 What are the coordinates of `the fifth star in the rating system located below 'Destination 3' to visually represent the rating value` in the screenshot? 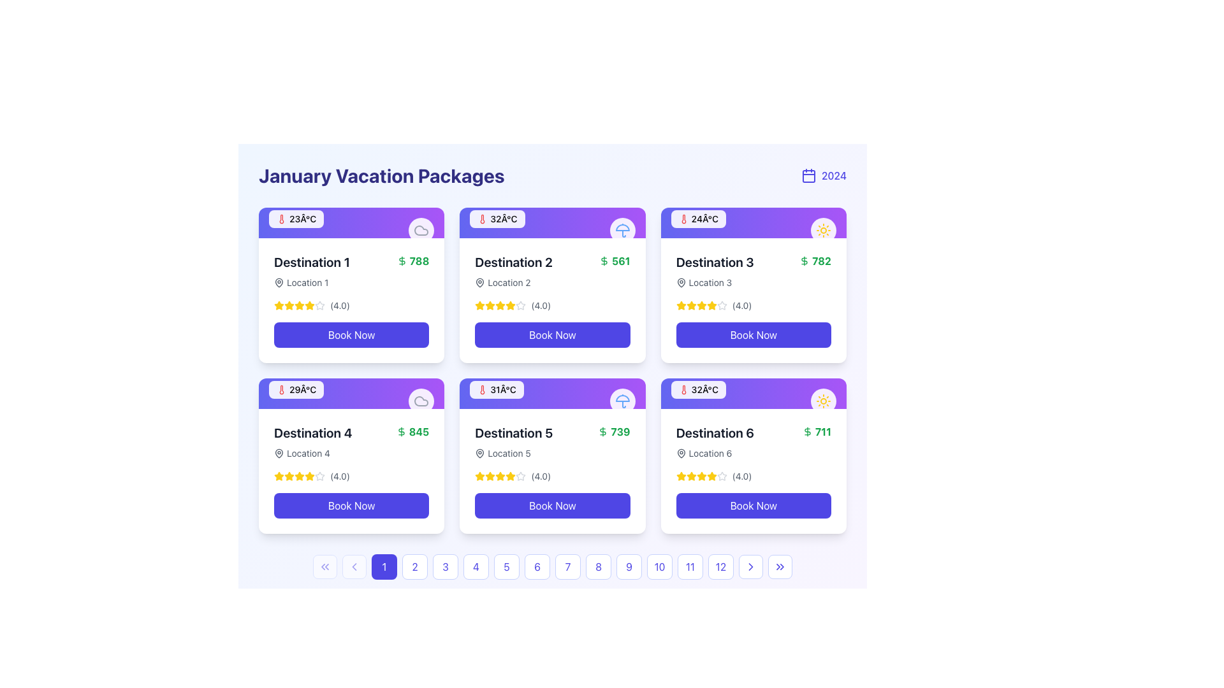 It's located at (711, 305).